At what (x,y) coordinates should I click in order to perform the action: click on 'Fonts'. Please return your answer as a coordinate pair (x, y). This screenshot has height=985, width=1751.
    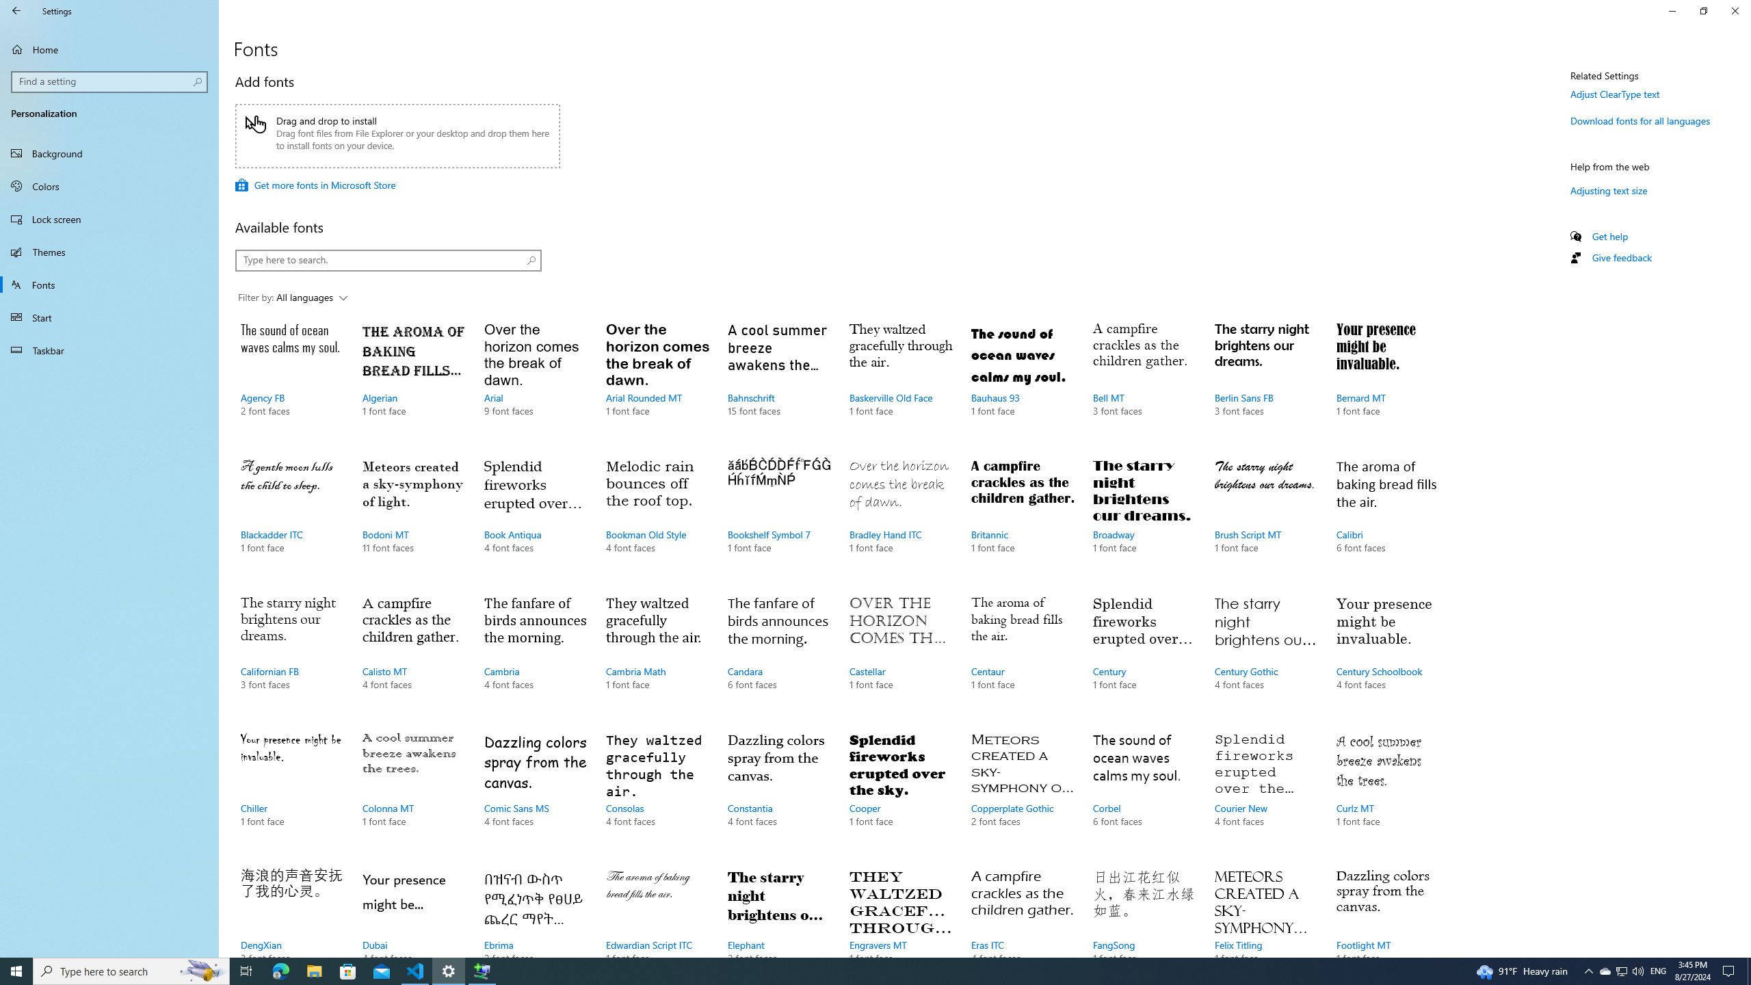
    Looking at the image, I should click on (109, 284).